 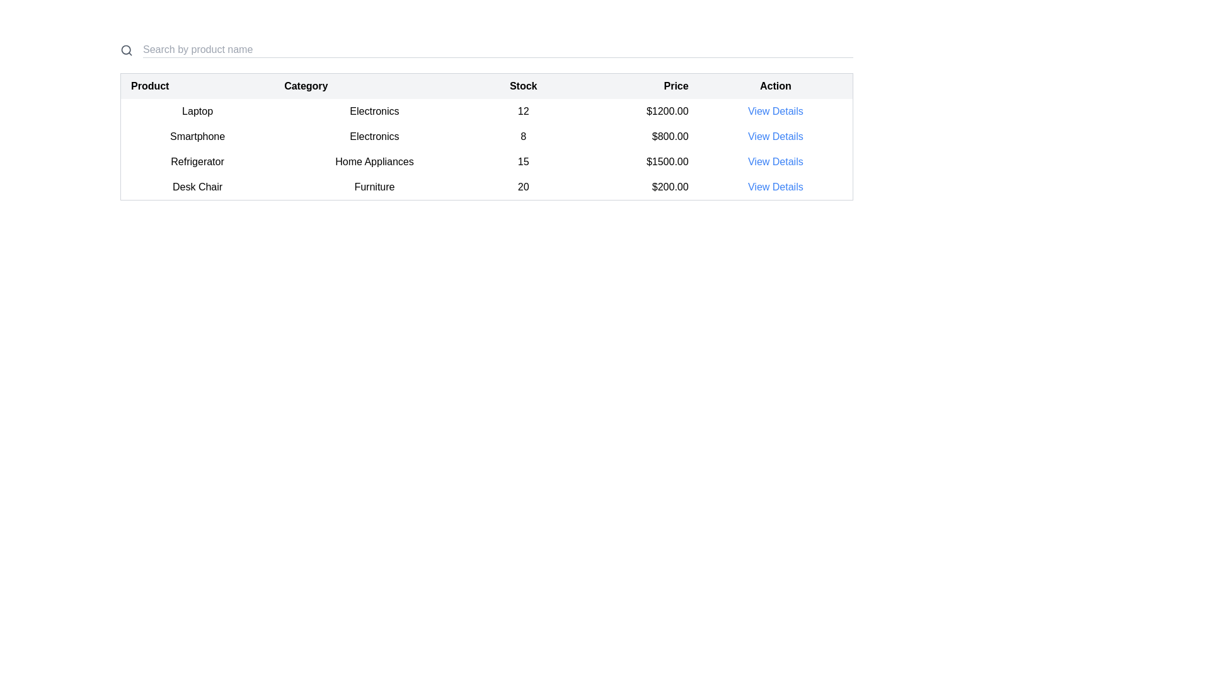 I want to click on the Text label that denotes the name of a product listed in the third row of the 'Product' column in the inventory table, so click(x=197, y=161).